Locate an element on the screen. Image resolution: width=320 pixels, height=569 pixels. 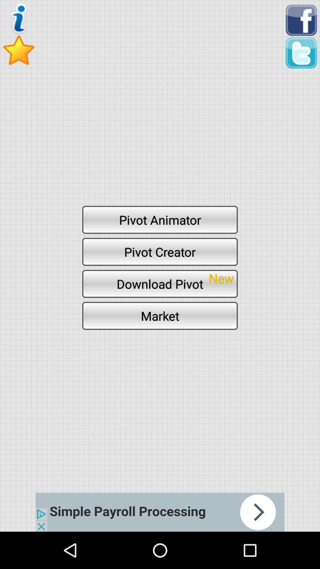
icon above pivot creator is located at coordinates (160, 219).